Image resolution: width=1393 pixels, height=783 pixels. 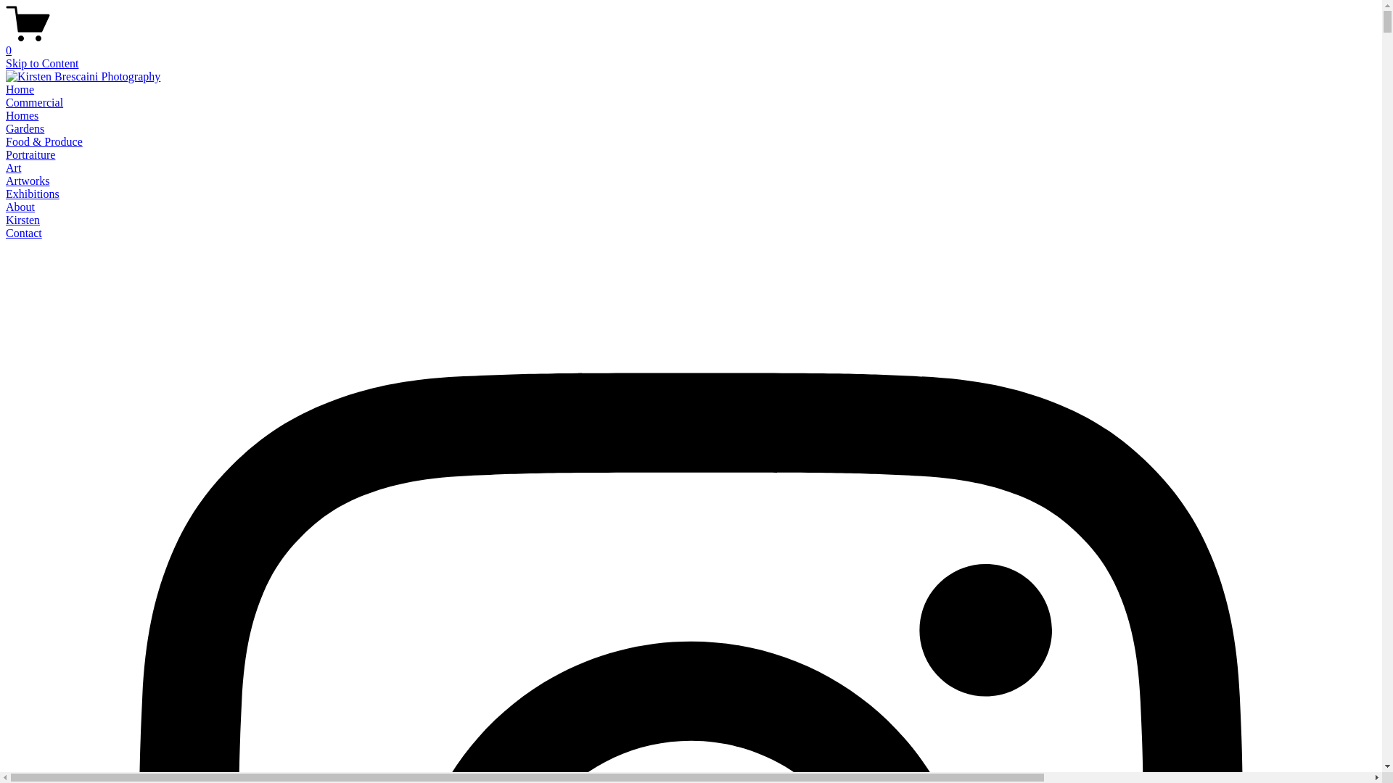 What do you see at coordinates (22, 220) in the screenshot?
I see `'Kirsten'` at bounding box center [22, 220].